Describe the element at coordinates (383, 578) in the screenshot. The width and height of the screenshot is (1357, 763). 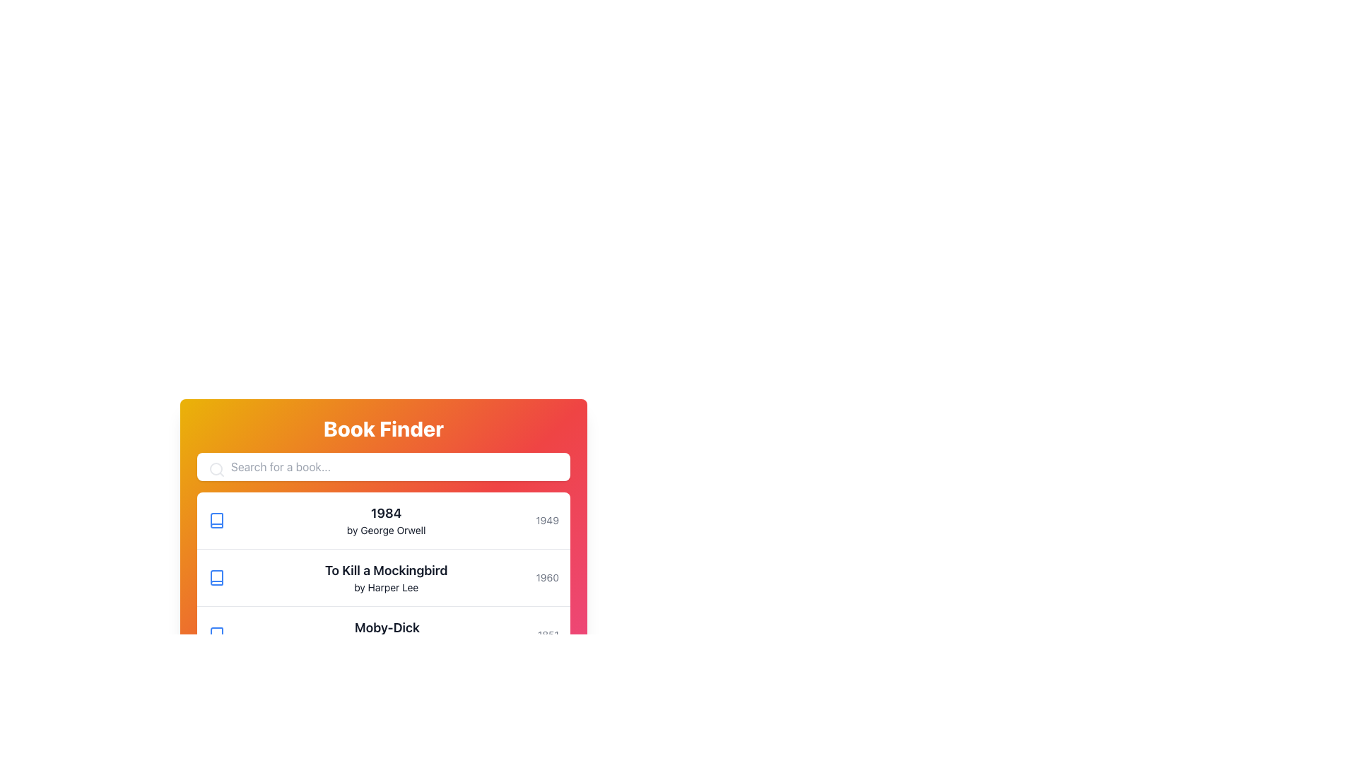
I see `the list item representing the book 'To Kill a Mockingbird'` at that location.